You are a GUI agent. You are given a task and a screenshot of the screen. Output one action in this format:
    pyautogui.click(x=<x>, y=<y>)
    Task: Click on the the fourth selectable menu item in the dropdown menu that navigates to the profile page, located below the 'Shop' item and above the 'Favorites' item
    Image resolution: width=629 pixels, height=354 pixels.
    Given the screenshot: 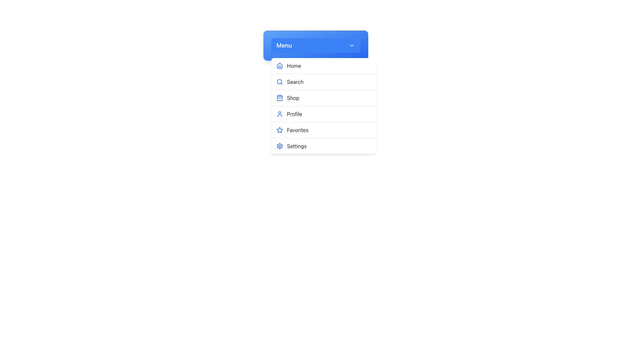 What is the action you would take?
    pyautogui.click(x=324, y=114)
    